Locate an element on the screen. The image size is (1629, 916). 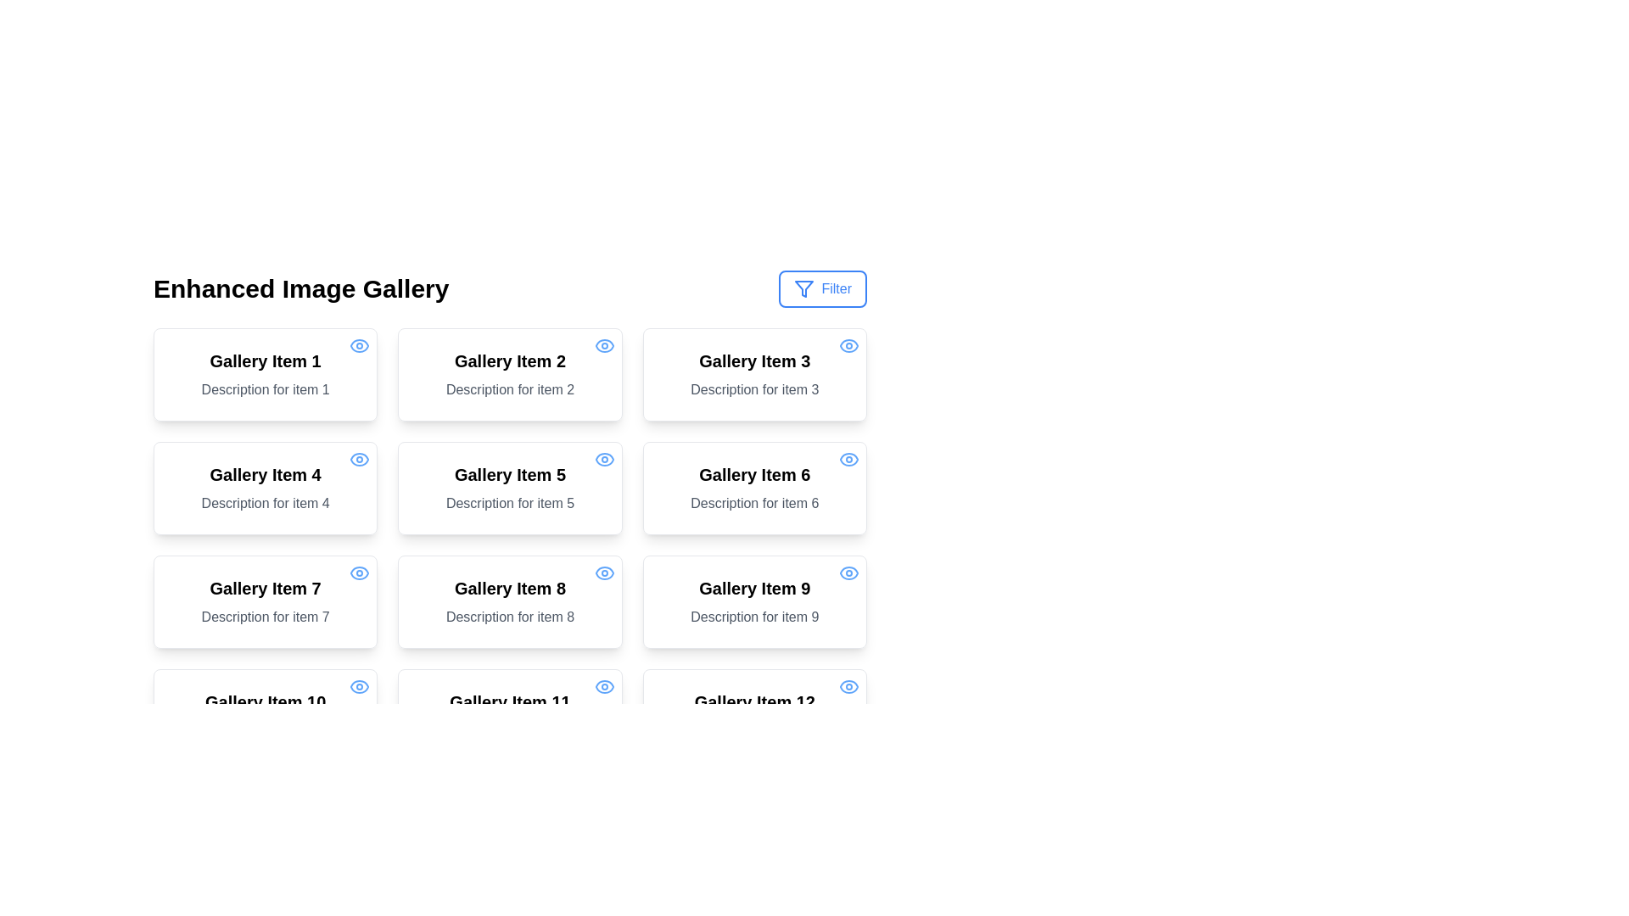
the stylized eye icon with a blue outline and white inner fill located at the top-right corner of the card labeled 'Gallery Item 7' is located at coordinates (359, 572).